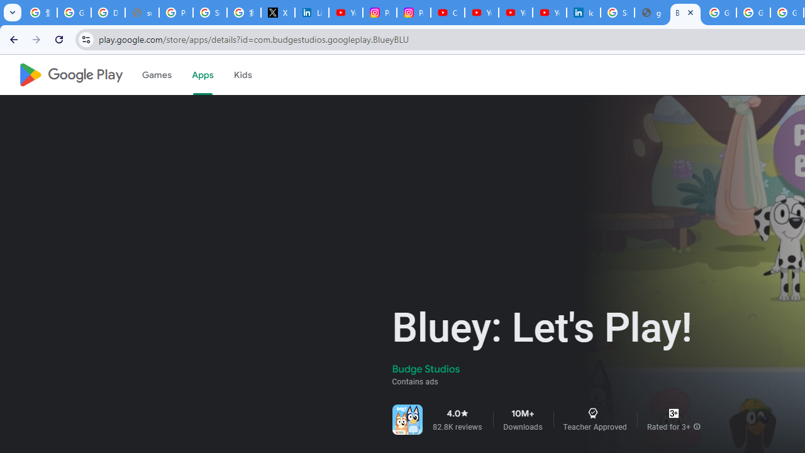 This screenshot has width=805, height=453. What do you see at coordinates (426, 368) in the screenshot?
I see `'Budge Studios'` at bounding box center [426, 368].